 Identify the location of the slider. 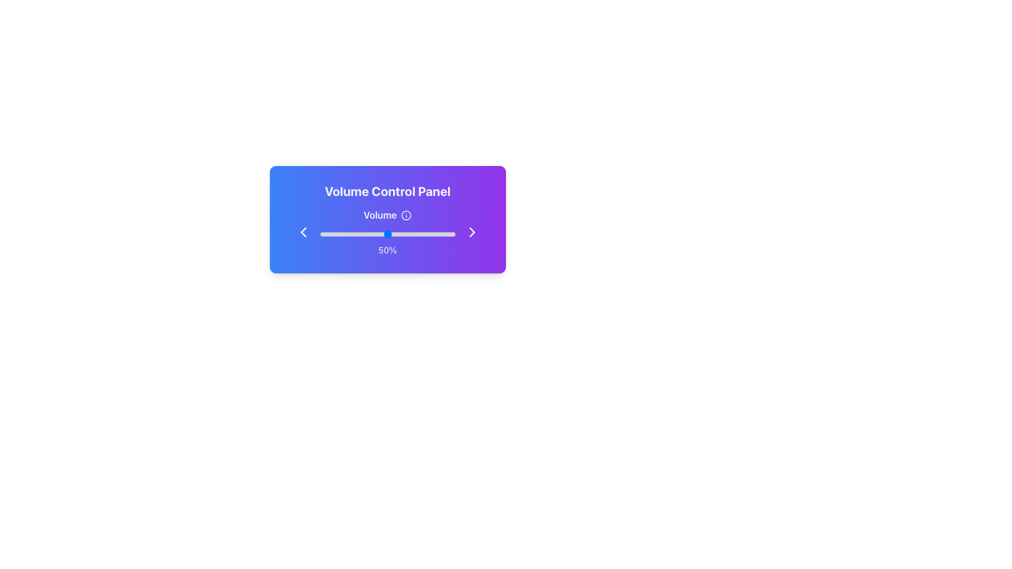
(453, 233).